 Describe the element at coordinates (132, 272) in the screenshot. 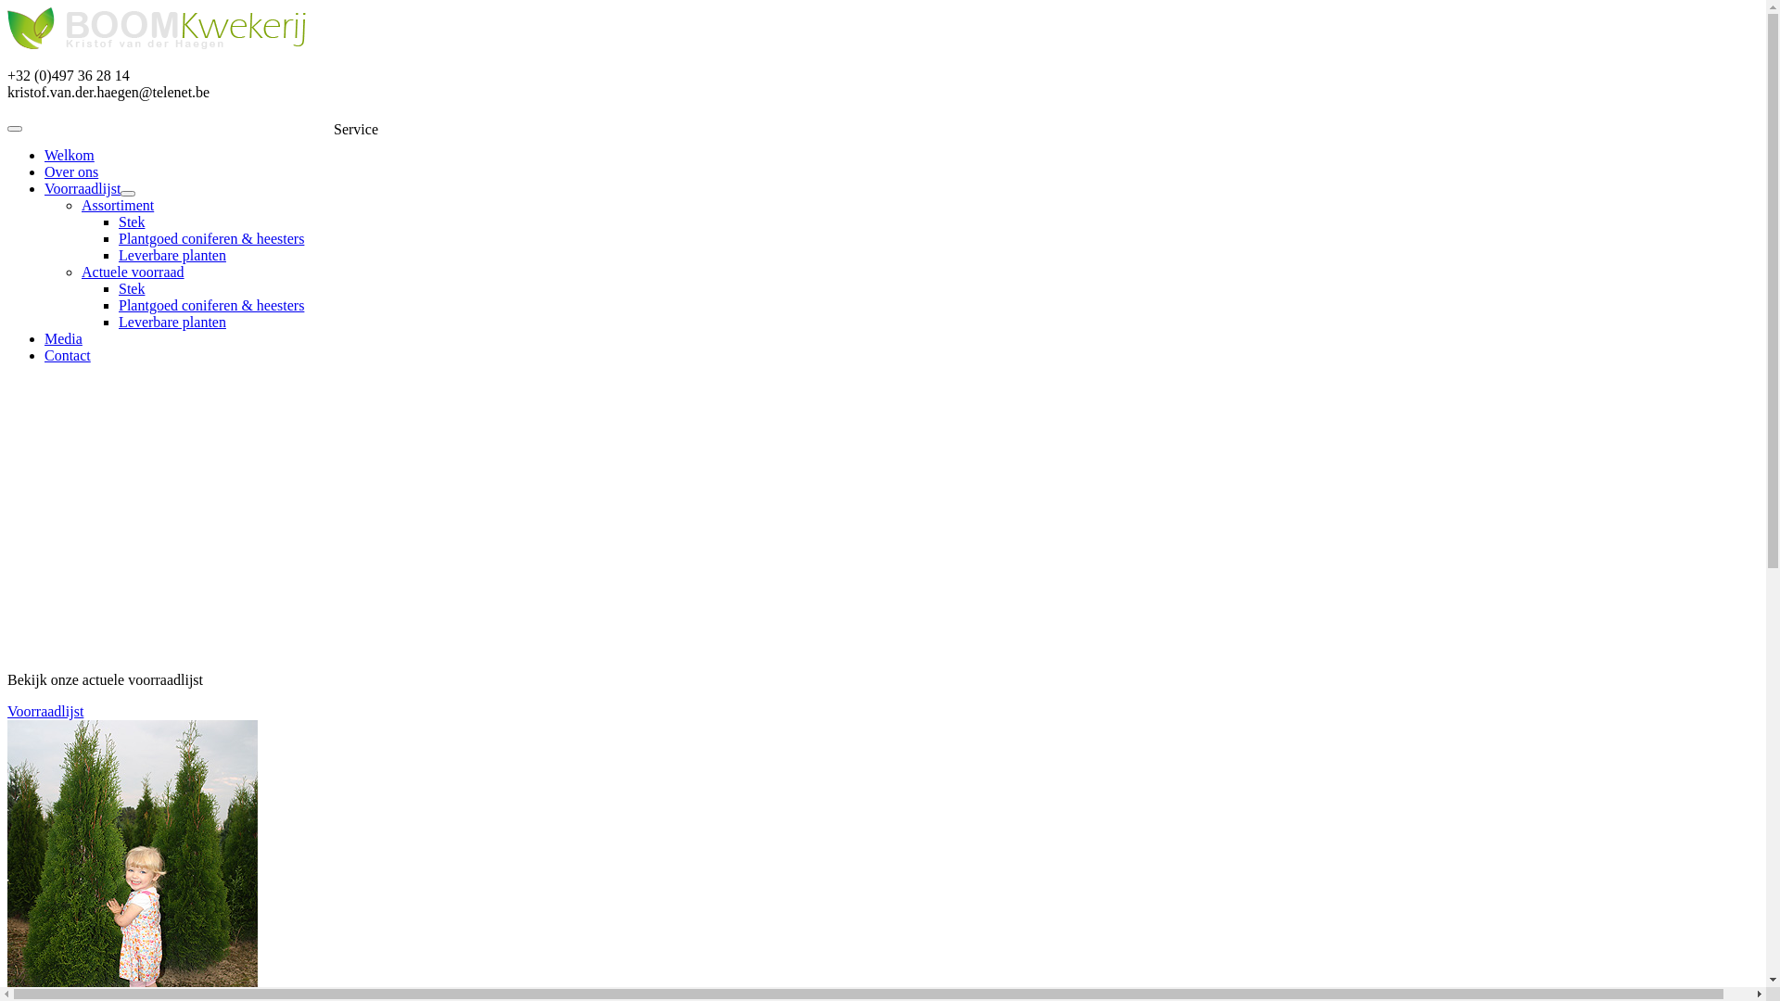

I see `'Actuele voorraad'` at that location.